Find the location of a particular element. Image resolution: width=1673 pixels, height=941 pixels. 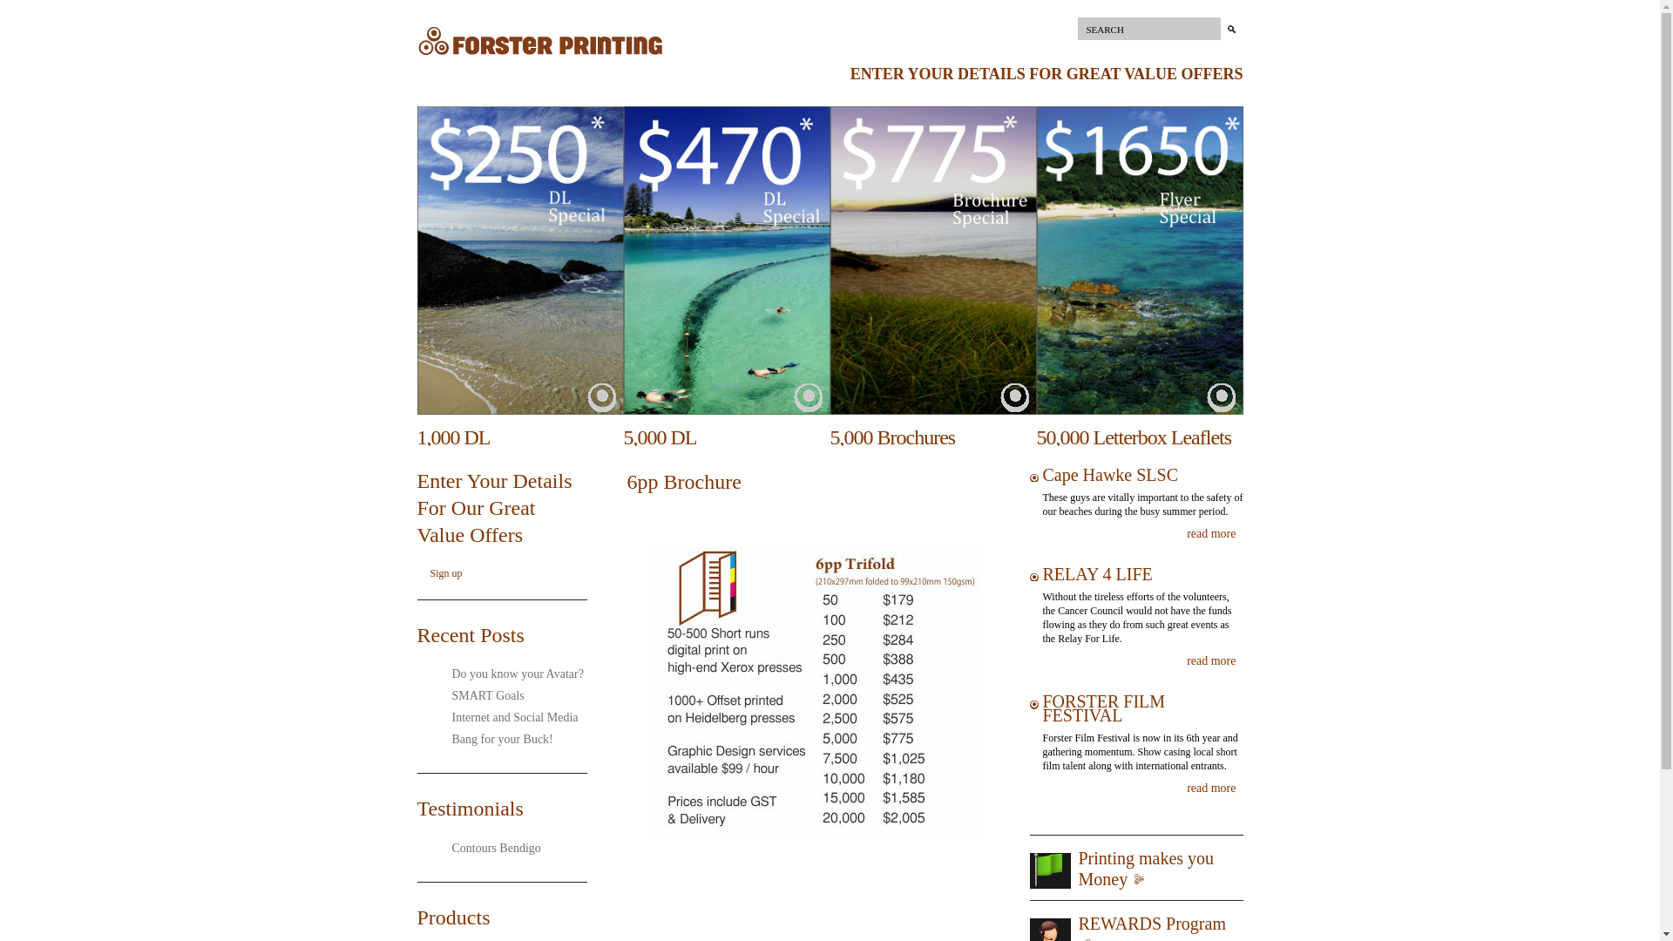

' ' is located at coordinates (1019, 398).